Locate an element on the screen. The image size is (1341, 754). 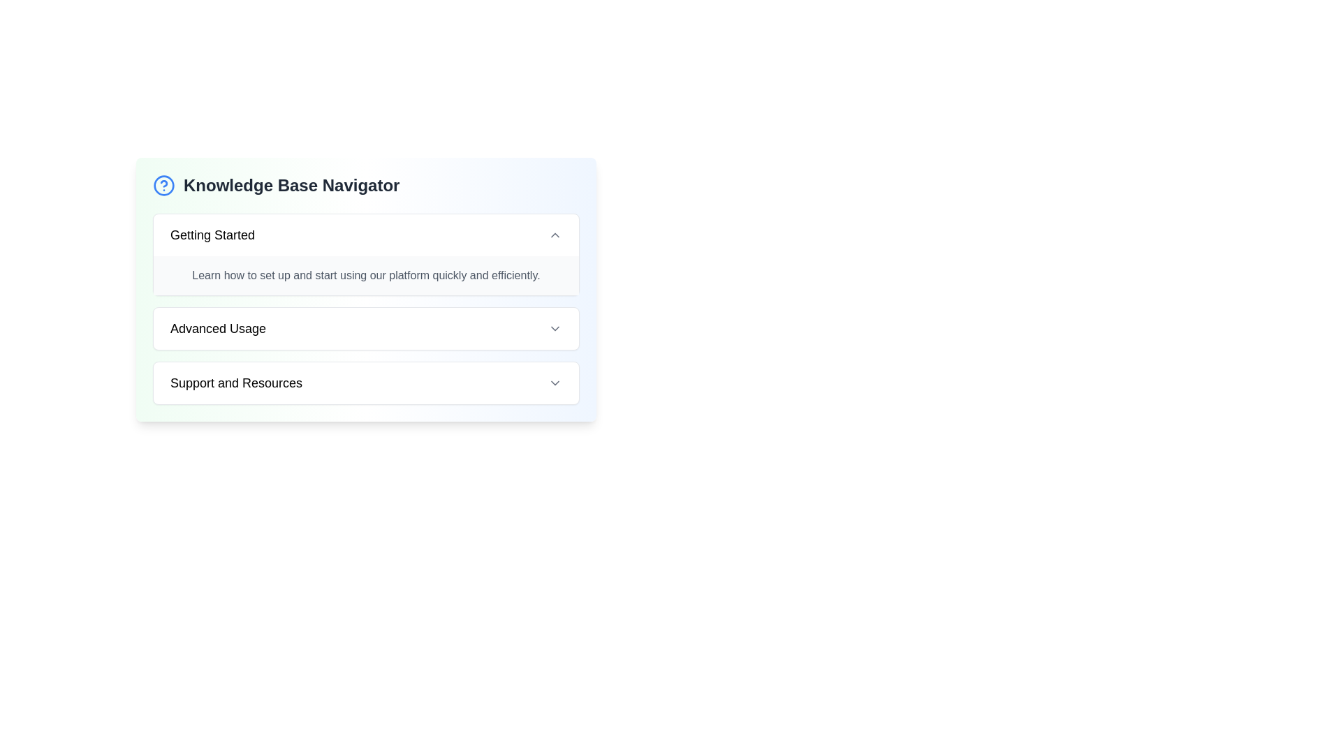
text label indicating 'Support and Resources' located centrally within the 'Knowledge Base Navigator' panel is located at coordinates (236, 383).